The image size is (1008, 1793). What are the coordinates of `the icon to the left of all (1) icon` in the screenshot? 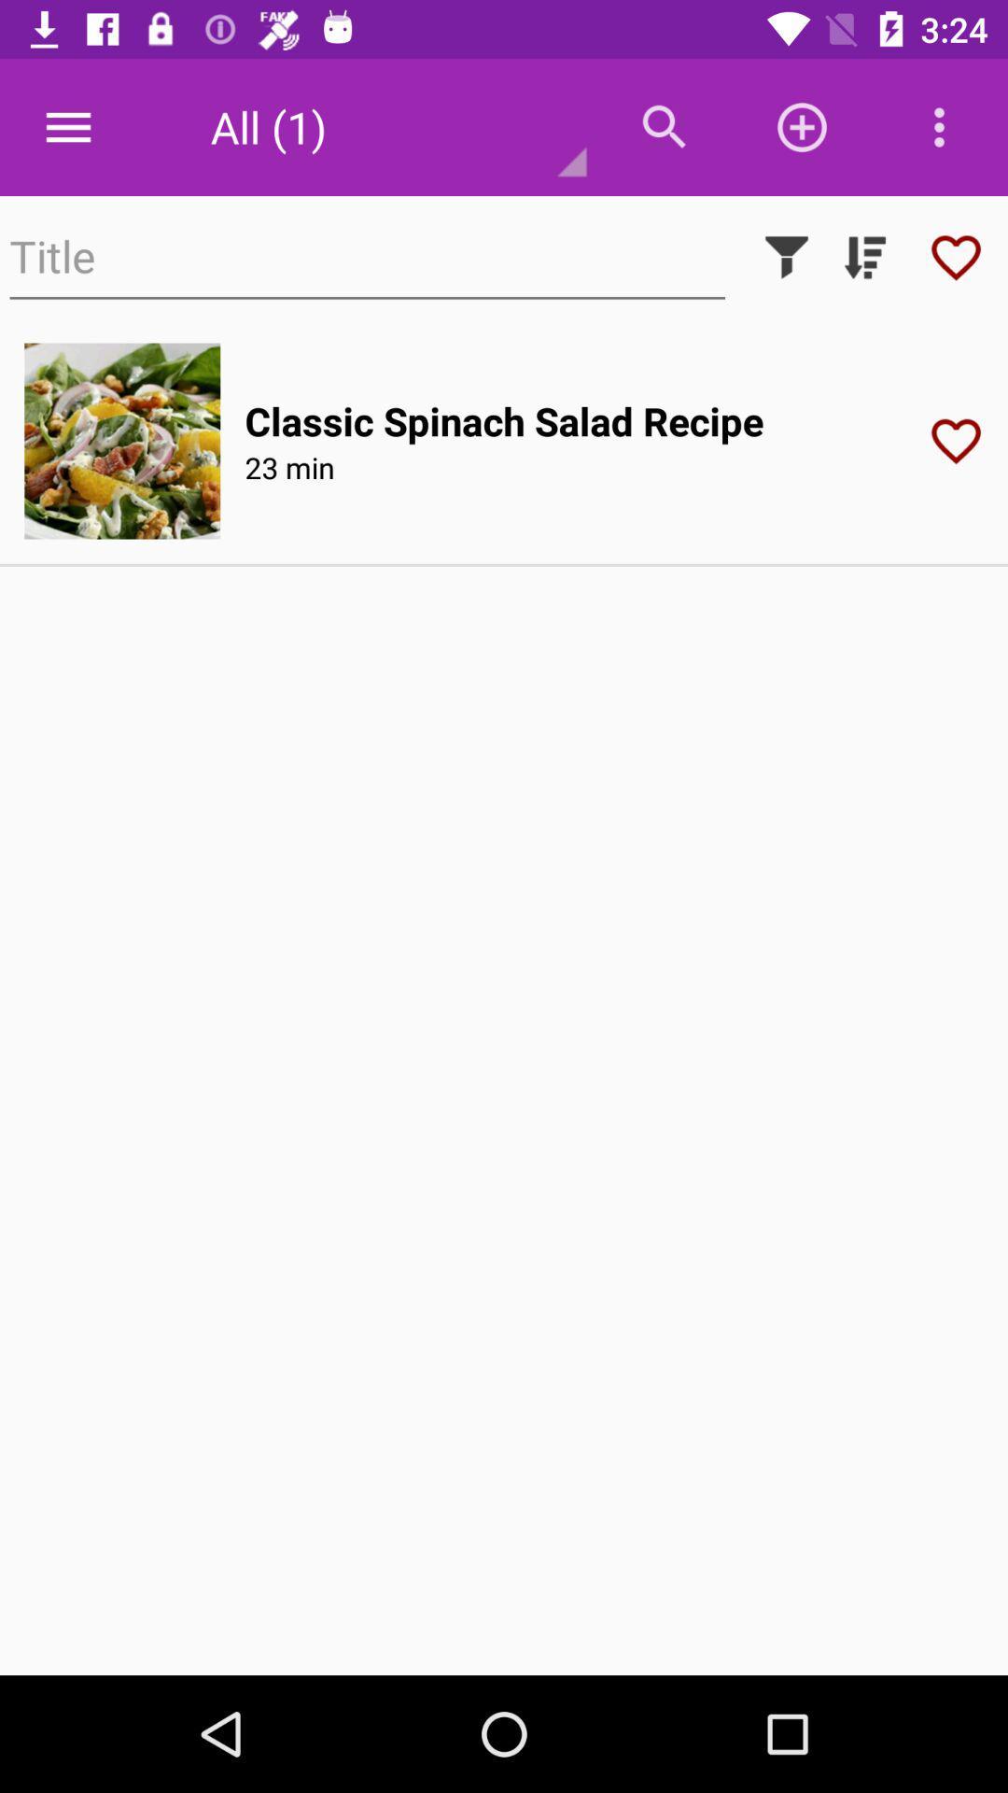 It's located at (67, 126).